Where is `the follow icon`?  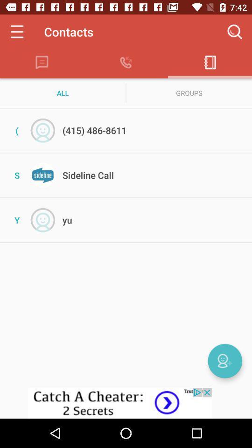
the follow icon is located at coordinates (224, 360).